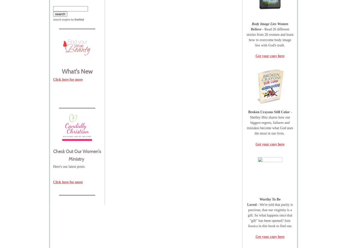 This screenshot has height=248, width=347. What do you see at coordinates (79, 20) in the screenshot?
I see `'freefind'` at bounding box center [79, 20].